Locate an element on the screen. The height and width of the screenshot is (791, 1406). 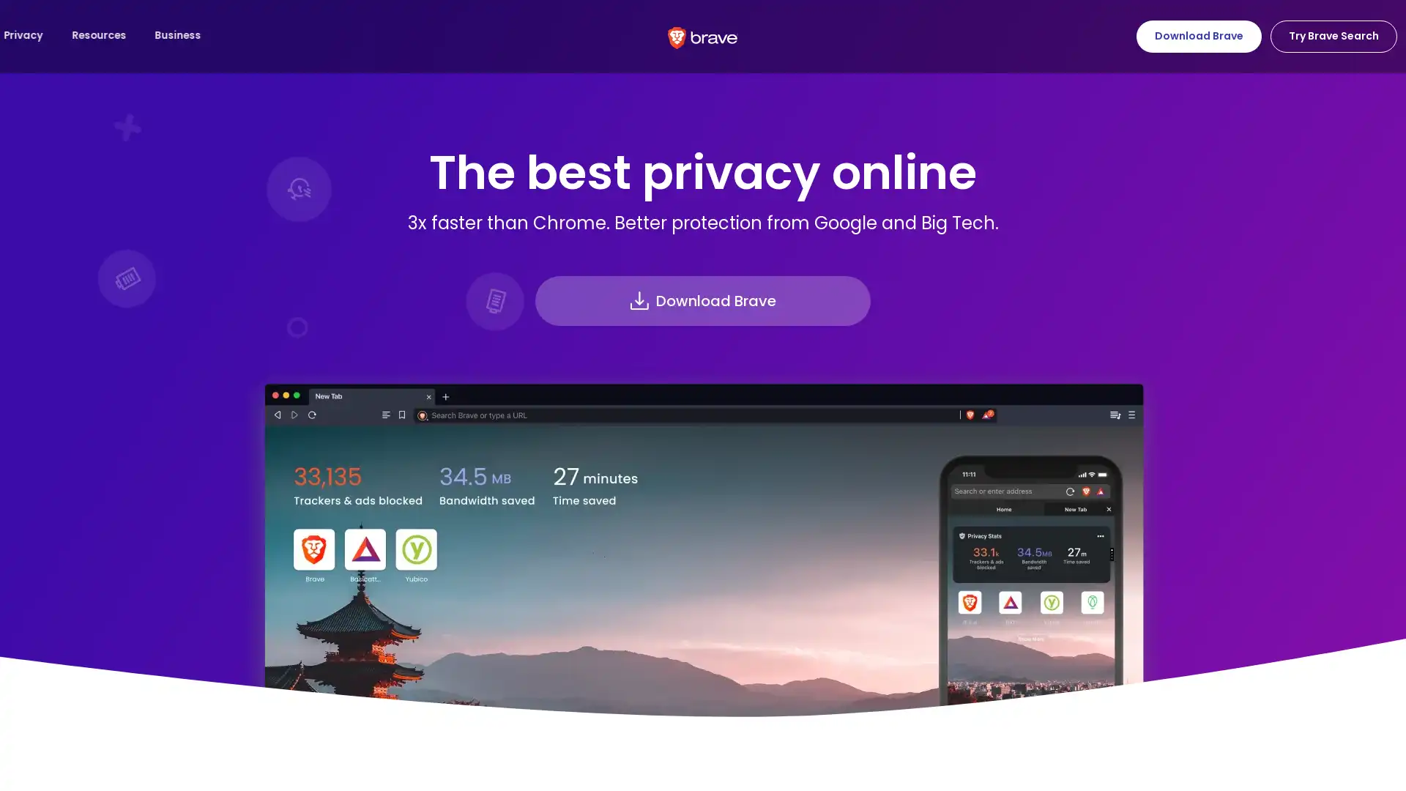
Browser is located at coordinates (43, 35).